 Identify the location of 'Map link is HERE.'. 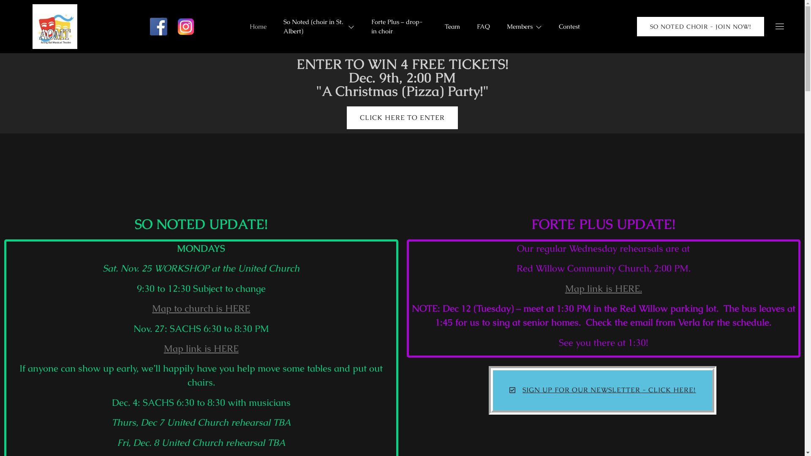
(565, 288).